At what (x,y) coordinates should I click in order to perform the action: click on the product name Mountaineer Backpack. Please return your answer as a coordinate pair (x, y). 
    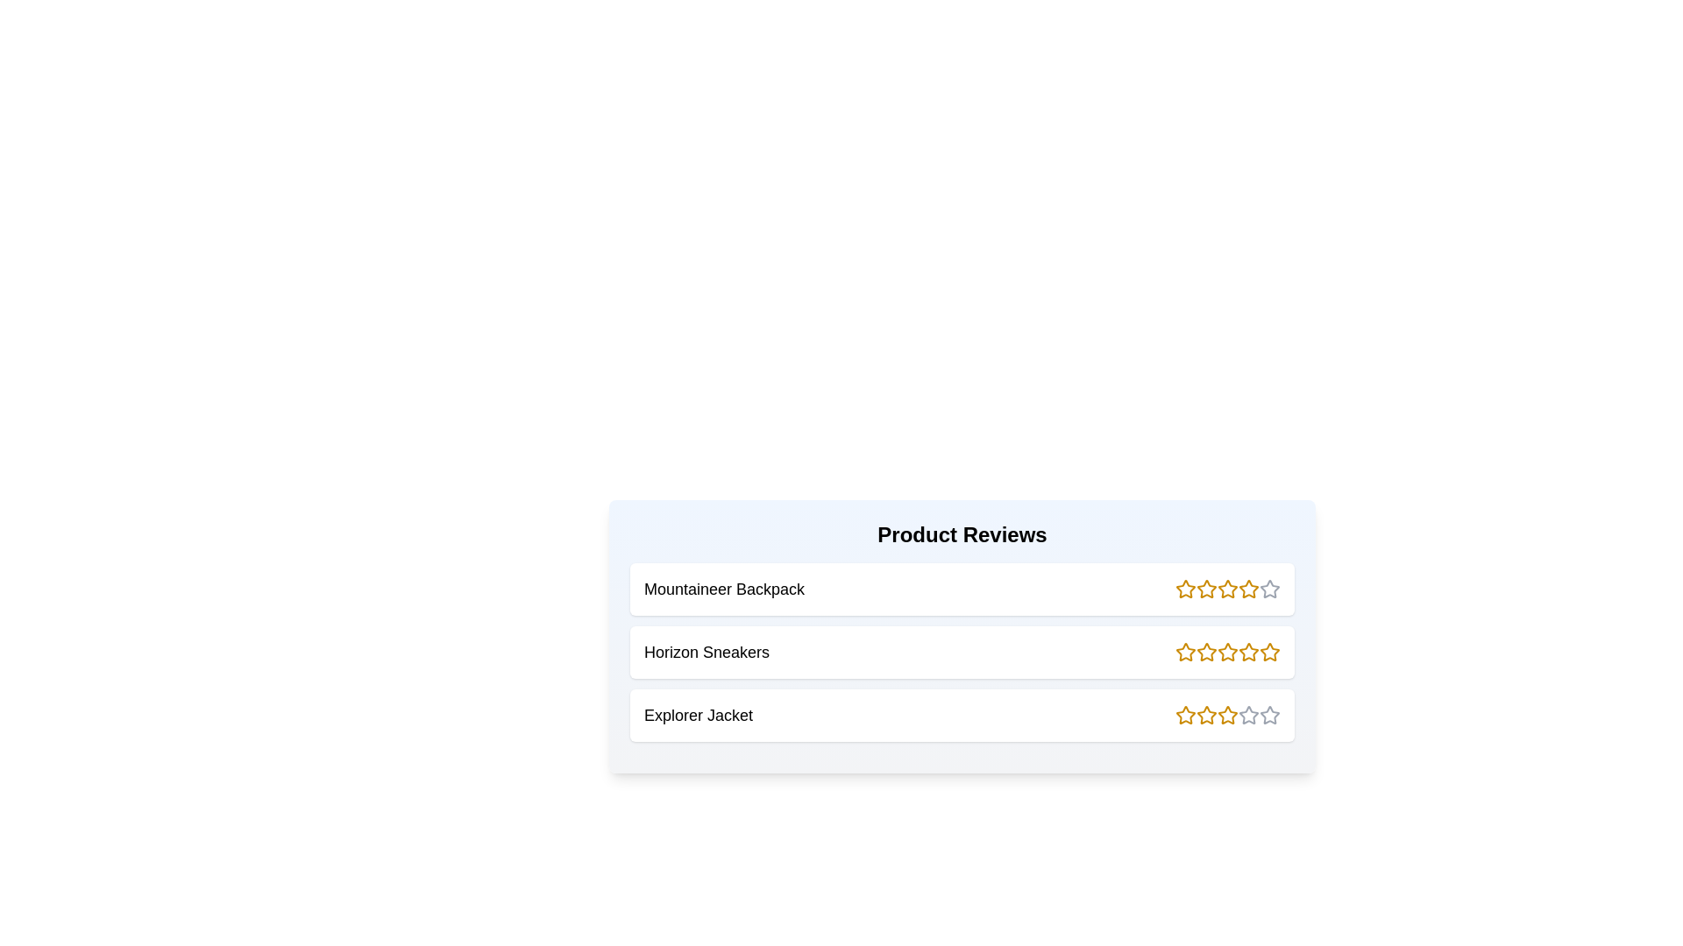
    Looking at the image, I should click on (724, 589).